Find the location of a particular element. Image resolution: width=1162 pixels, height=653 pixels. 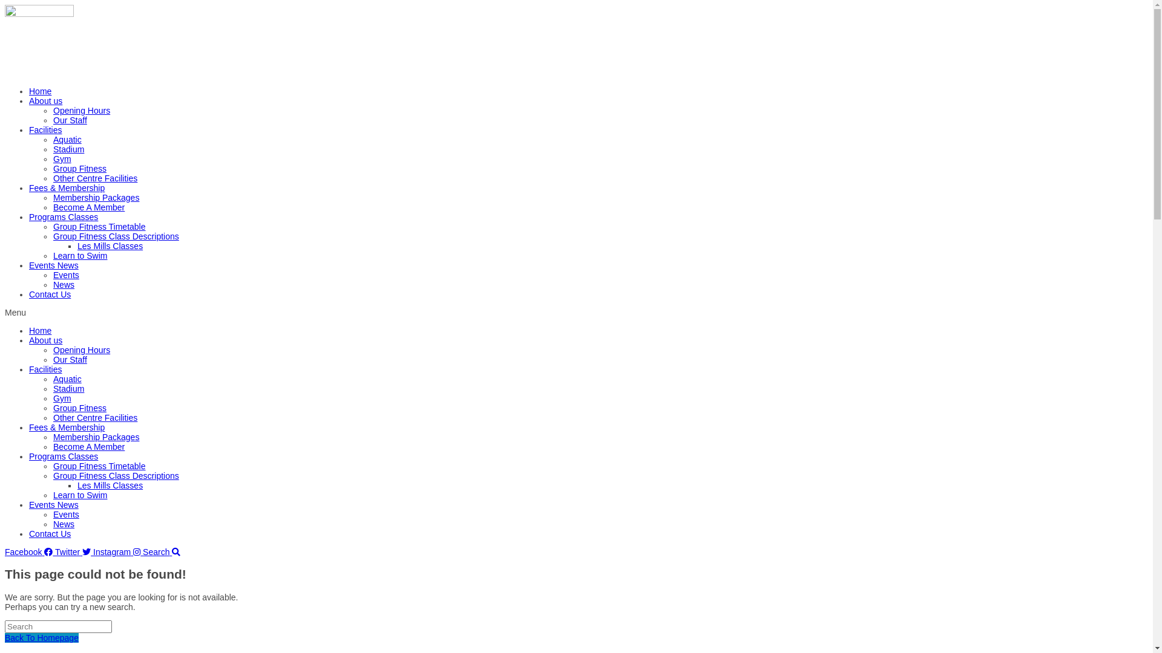

'Programs Classes' is located at coordinates (63, 456).